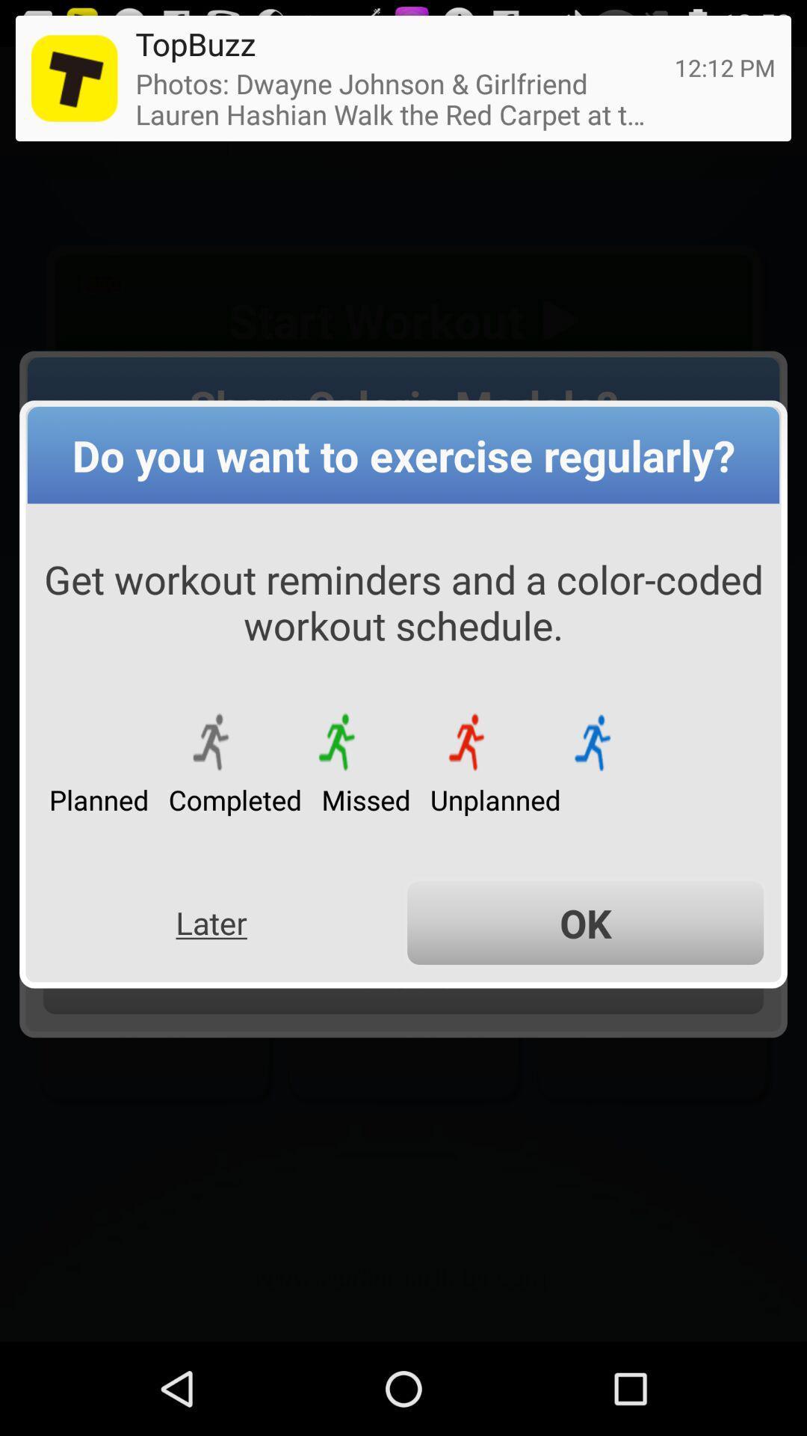 Image resolution: width=807 pixels, height=1436 pixels. What do you see at coordinates (584, 922) in the screenshot?
I see `item next to the later app` at bounding box center [584, 922].